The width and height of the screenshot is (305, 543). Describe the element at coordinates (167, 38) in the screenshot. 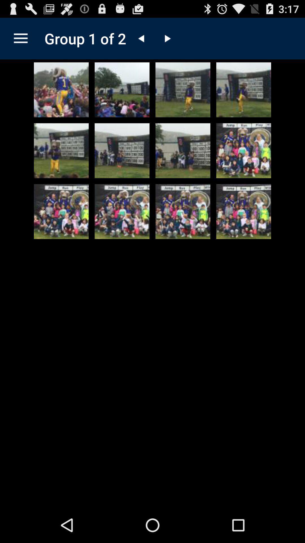

I see `next page` at that location.